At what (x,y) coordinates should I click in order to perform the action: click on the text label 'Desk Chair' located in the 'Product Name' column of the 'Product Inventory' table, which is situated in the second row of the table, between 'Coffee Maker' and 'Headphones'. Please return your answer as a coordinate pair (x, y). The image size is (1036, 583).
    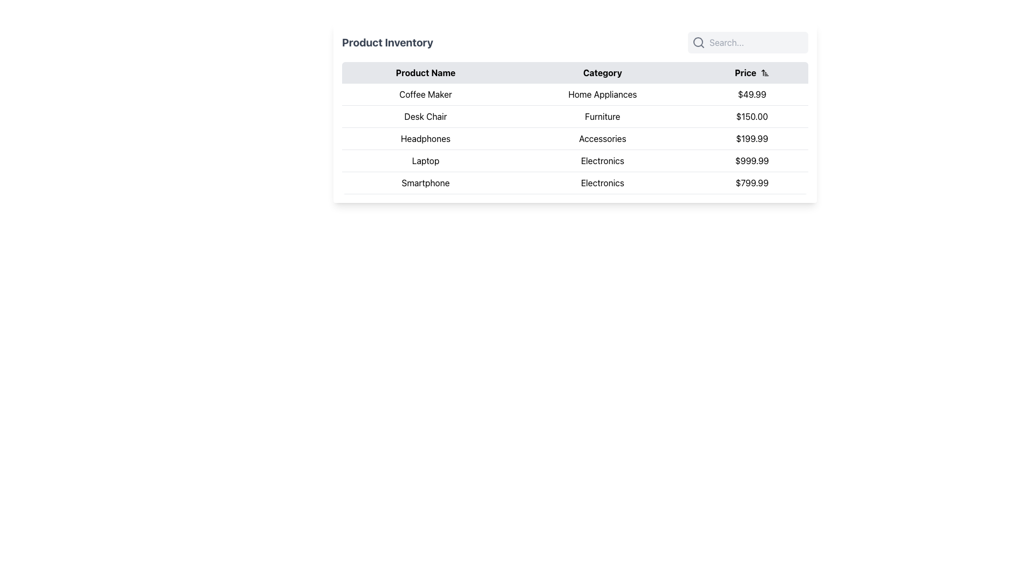
    Looking at the image, I should click on (425, 117).